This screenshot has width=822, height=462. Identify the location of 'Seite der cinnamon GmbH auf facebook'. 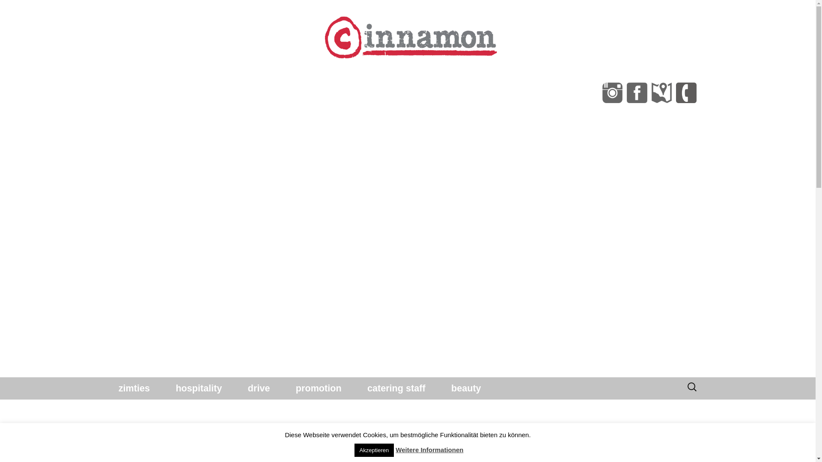
(637, 92).